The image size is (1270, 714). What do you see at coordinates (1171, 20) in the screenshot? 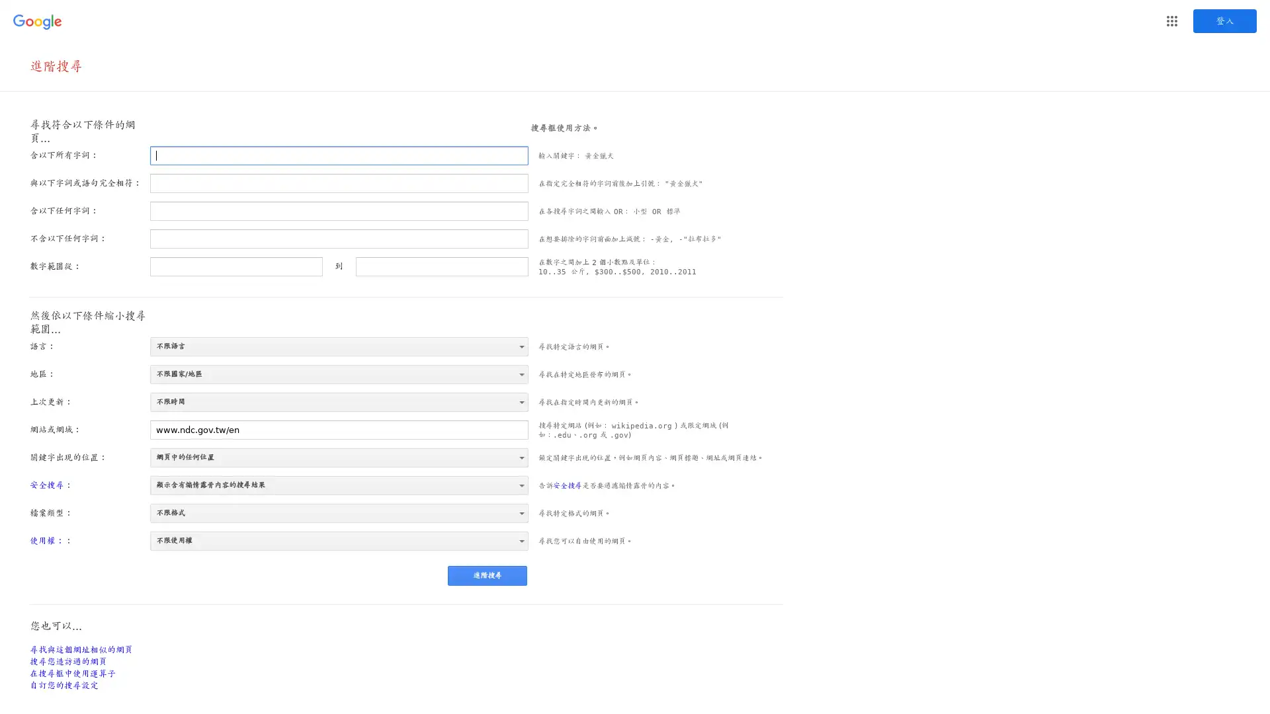
I see `Google` at bounding box center [1171, 20].